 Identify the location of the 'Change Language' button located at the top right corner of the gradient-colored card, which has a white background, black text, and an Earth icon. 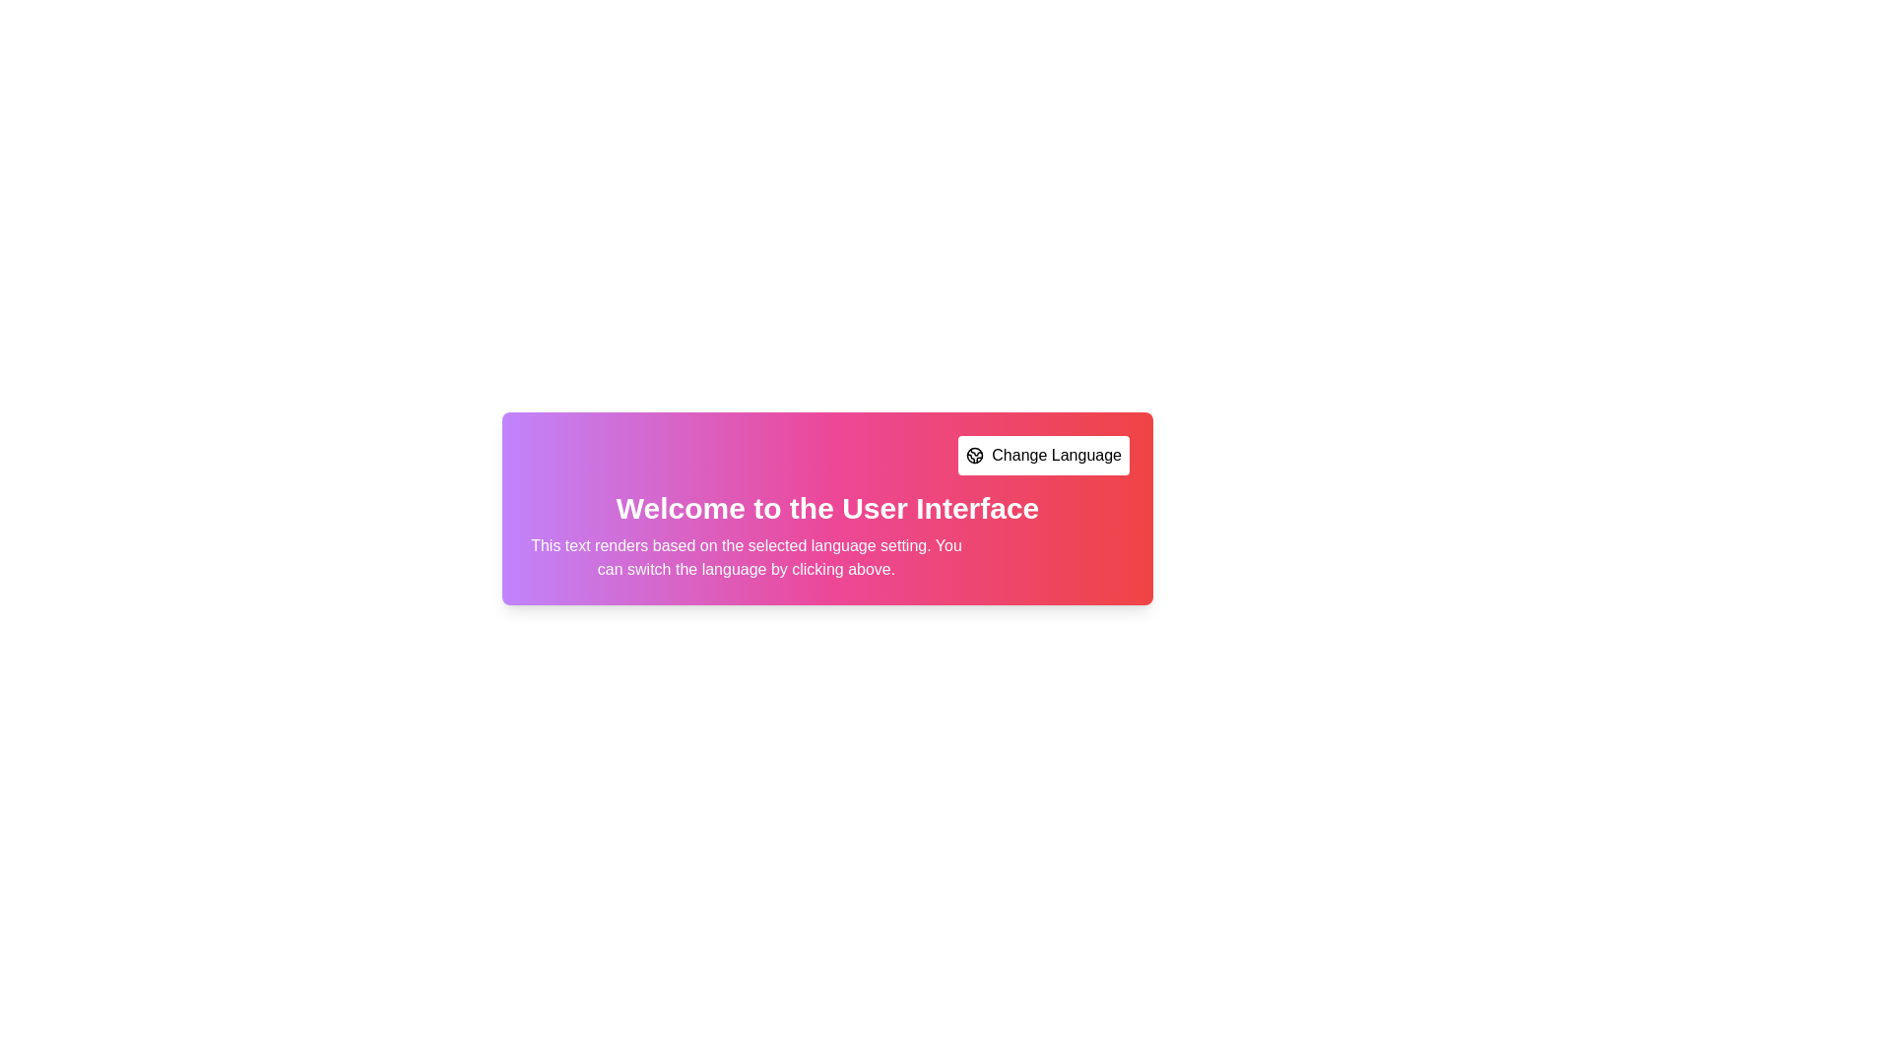
(1043, 455).